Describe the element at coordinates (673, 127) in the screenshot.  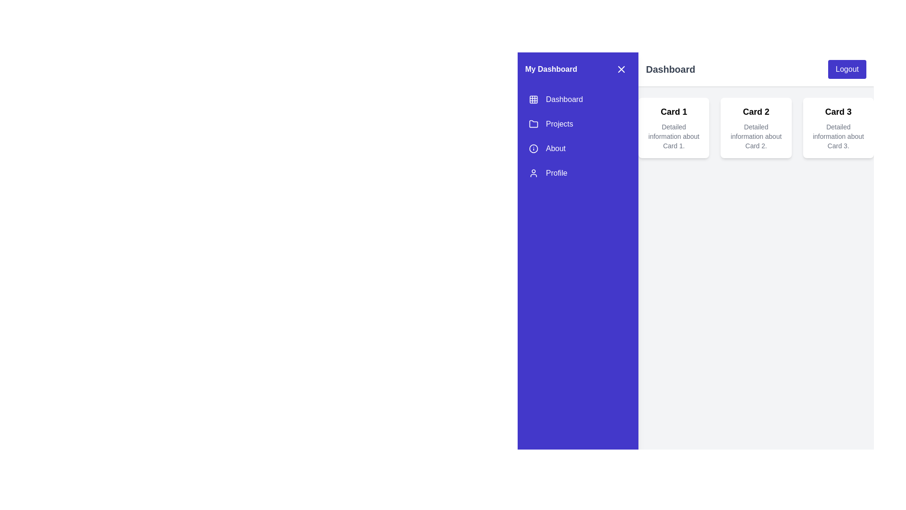
I see `the informational card labeled 'Card 1', which is the first card in a row of three located on the top-right section of the interface` at that location.